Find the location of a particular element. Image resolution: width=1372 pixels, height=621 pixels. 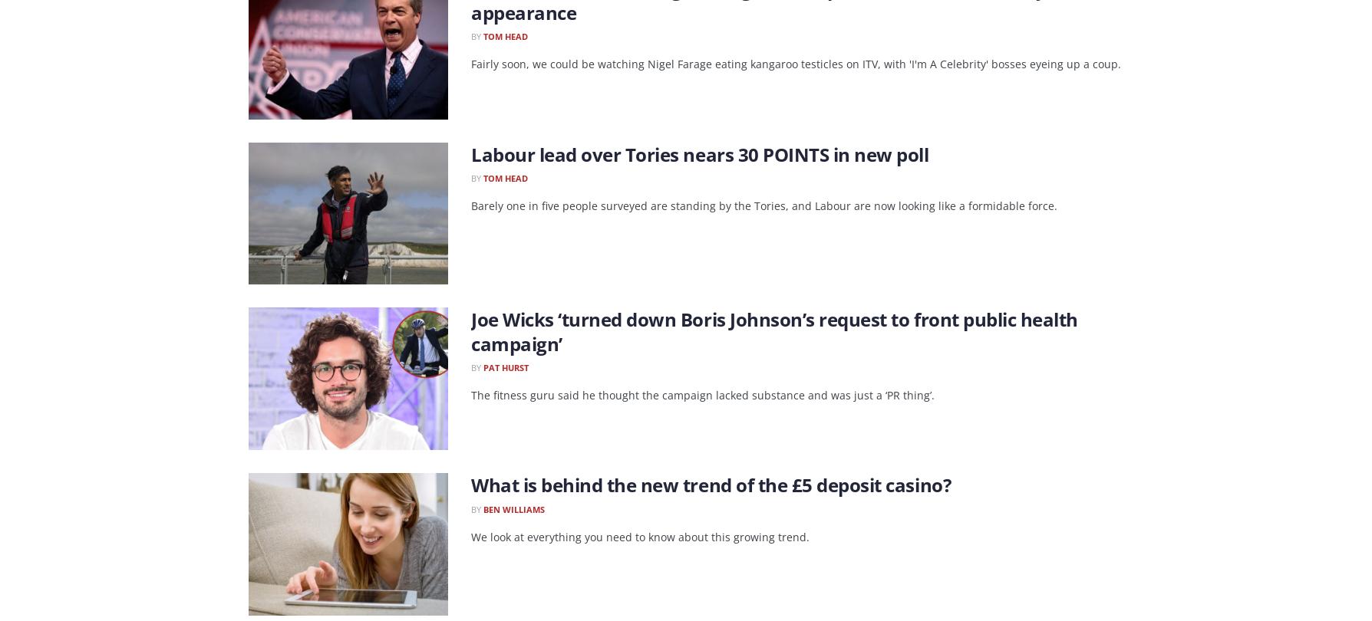

'Labour lead over Tories nears 30 POINTS in new poll' is located at coordinates (470, 153).